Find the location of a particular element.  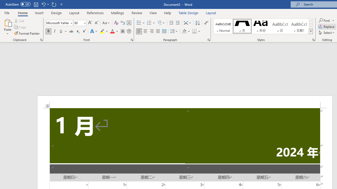

'Save' is located at coordinates (36, 4).